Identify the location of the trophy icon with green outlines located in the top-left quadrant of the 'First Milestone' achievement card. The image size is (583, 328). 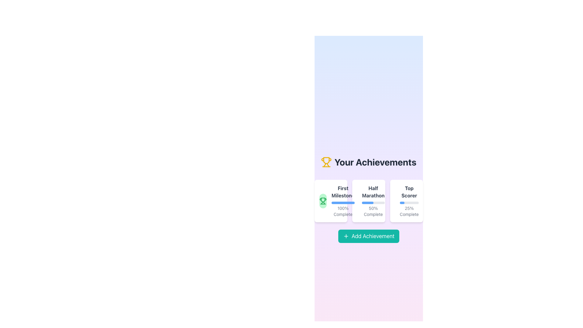
(323, 201).